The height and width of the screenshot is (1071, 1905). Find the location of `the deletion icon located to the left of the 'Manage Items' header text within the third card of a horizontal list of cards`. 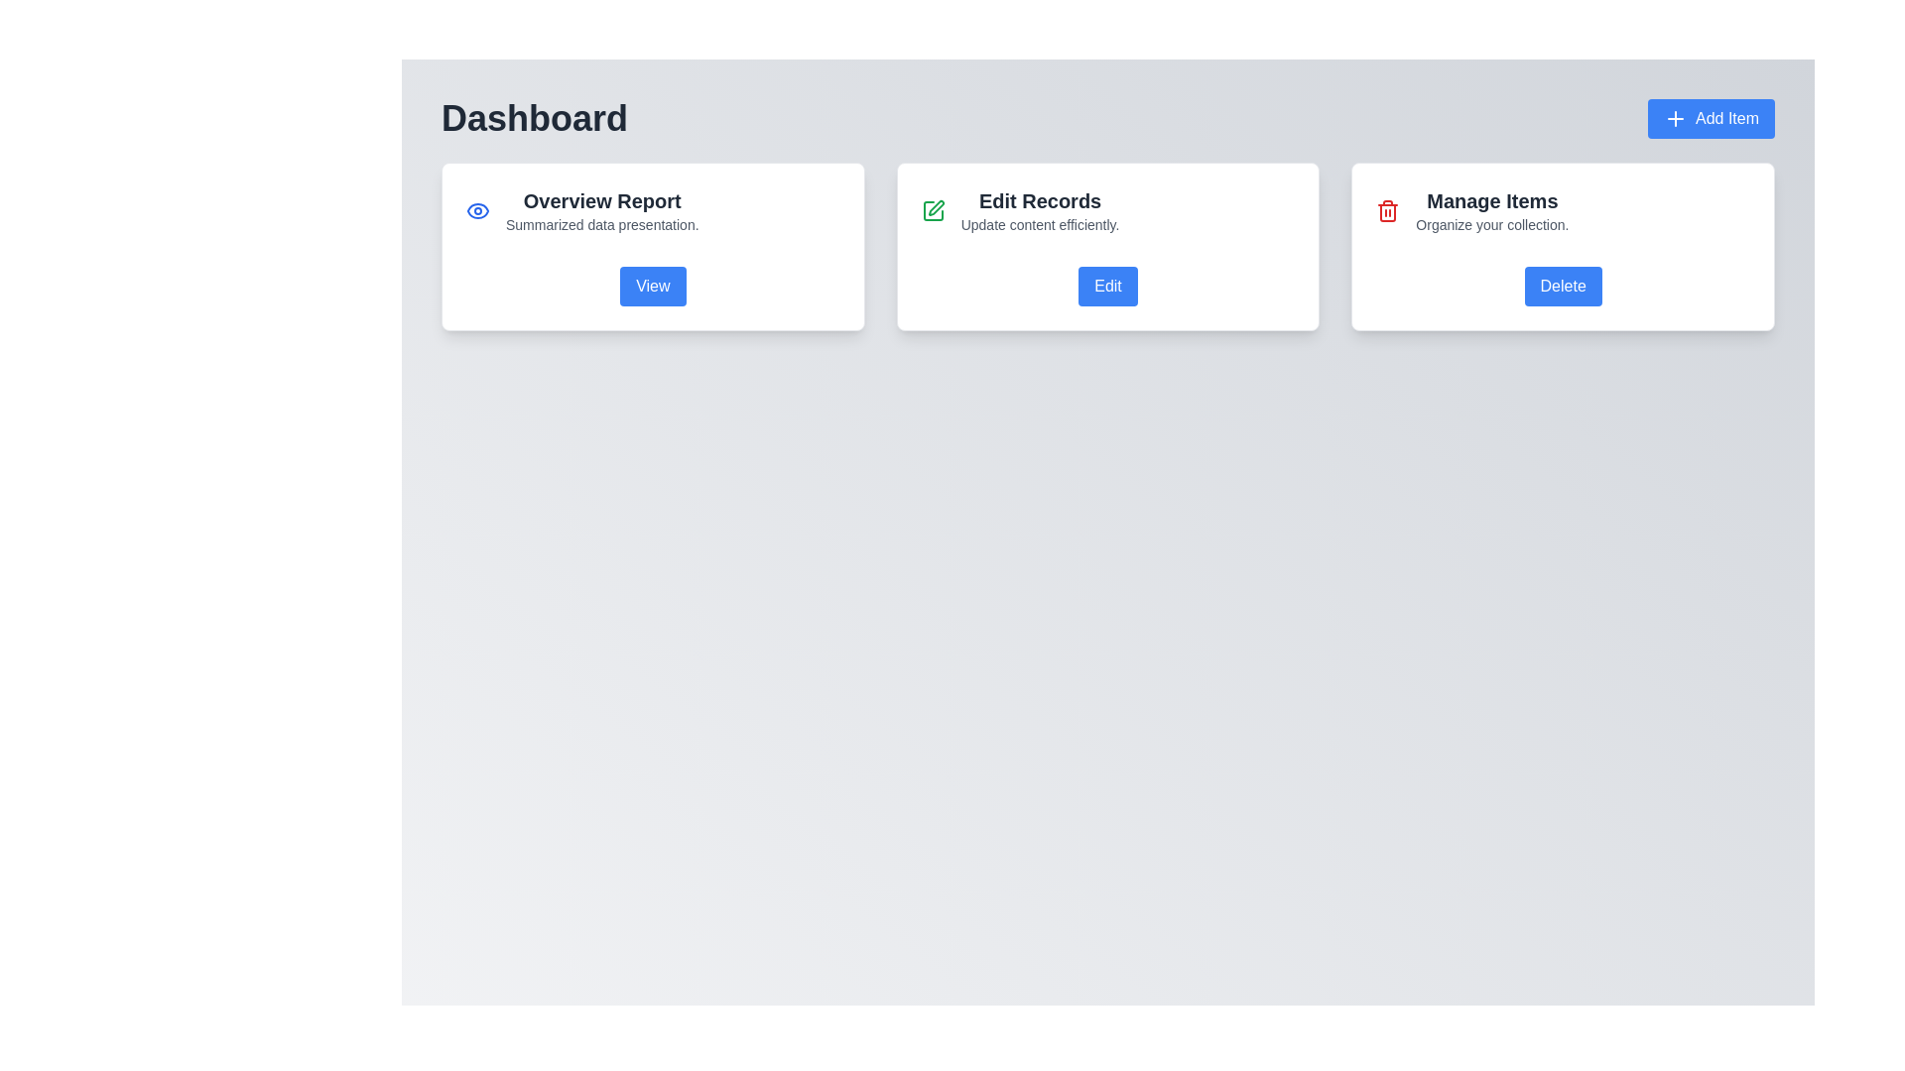

the deletion icon located to the left of the 'Manage Items' header text within the third card of a horizontal list of cards is located at coordinates (1387, 210).